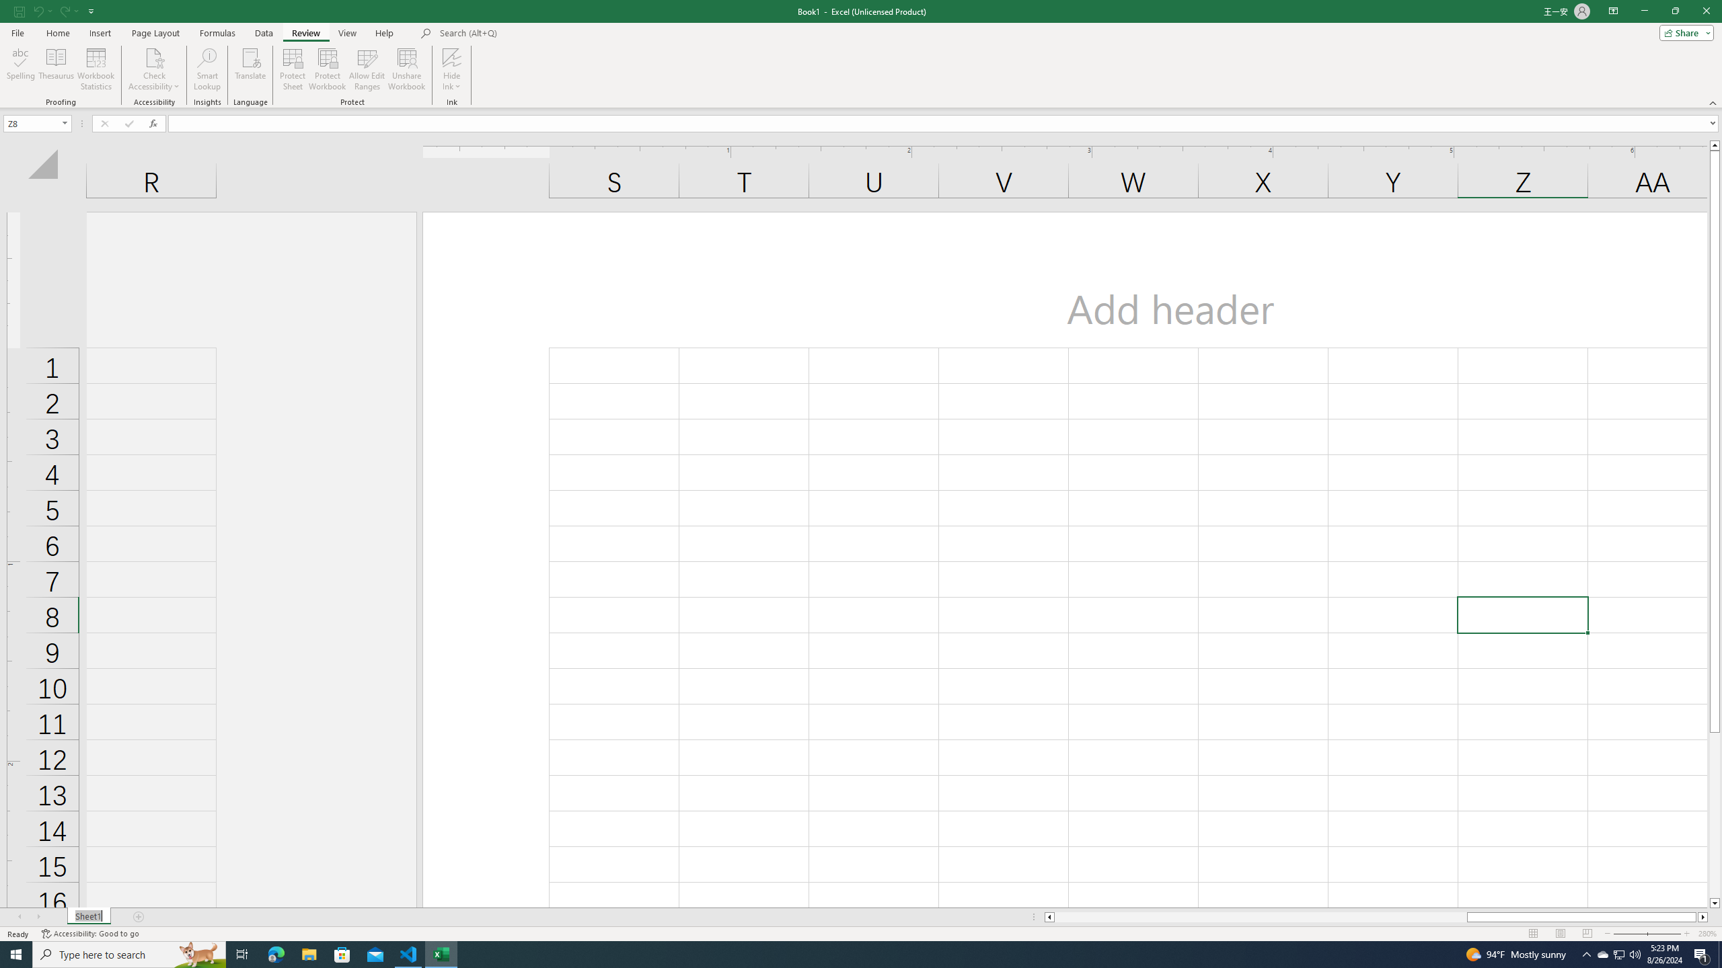 Image resolution: width=1722 pixels, height=968 pixels. Describe the element at coordinates (153, 56) in the screenshot. I see `'Check Accessibility'` at that location.